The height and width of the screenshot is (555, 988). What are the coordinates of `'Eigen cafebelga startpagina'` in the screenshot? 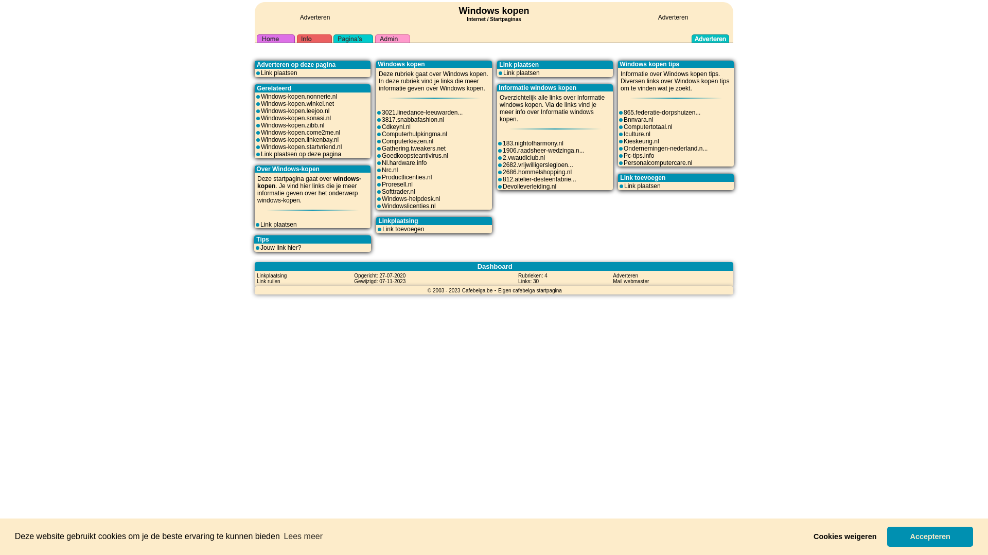 It's located at (530, 290).